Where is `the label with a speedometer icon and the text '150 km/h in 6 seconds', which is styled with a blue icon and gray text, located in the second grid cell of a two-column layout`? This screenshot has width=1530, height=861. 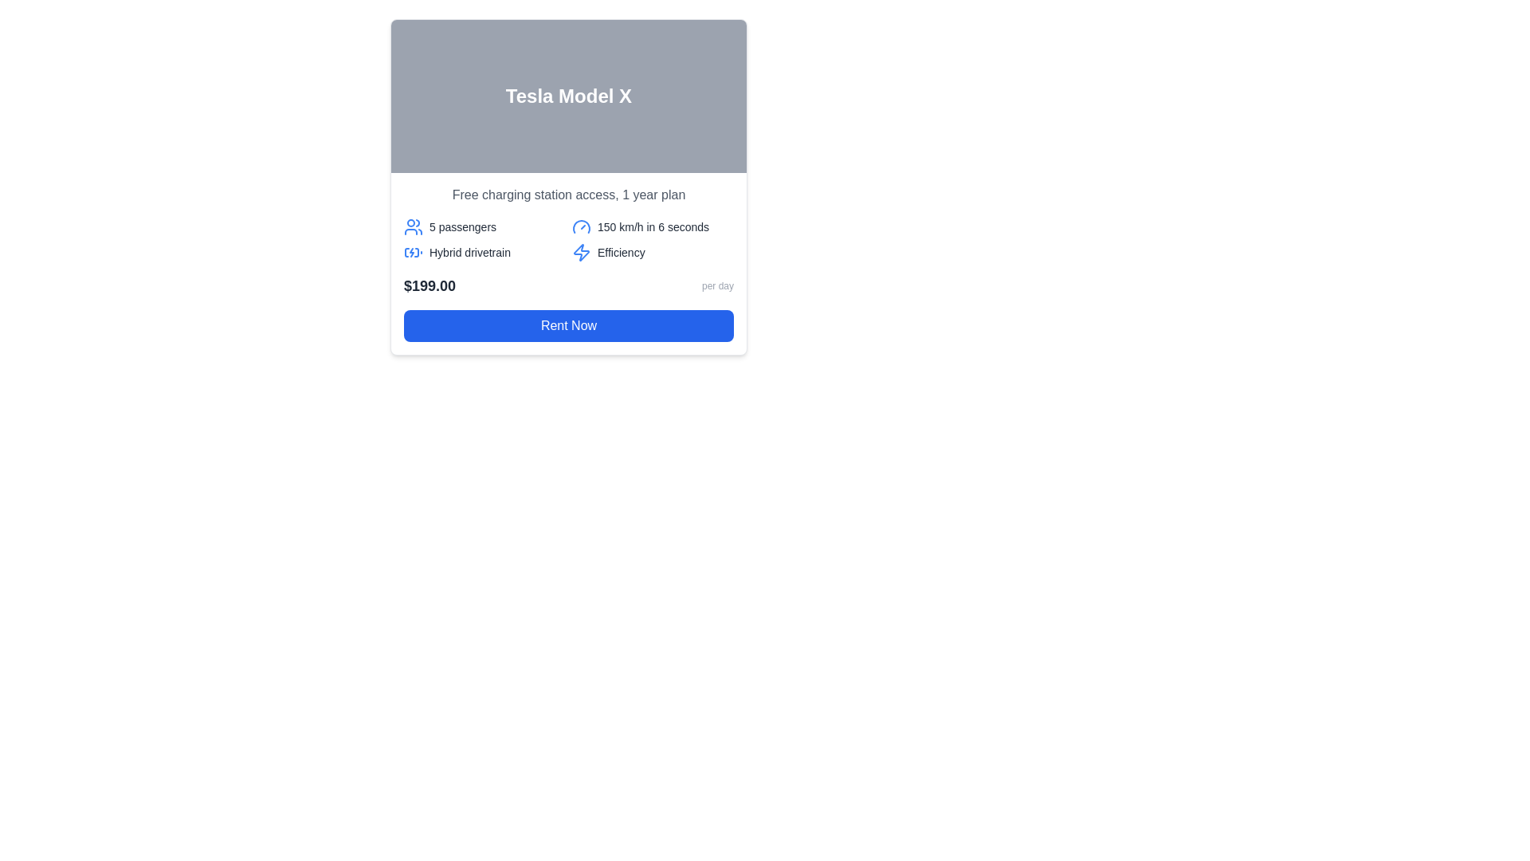 the label with a speedometer icon and the text '150 km/h in 6 seconds', which is styled with a blue icon and gray text, located in the second grid cell of a two-column layout is located at coordinates (653, 227).